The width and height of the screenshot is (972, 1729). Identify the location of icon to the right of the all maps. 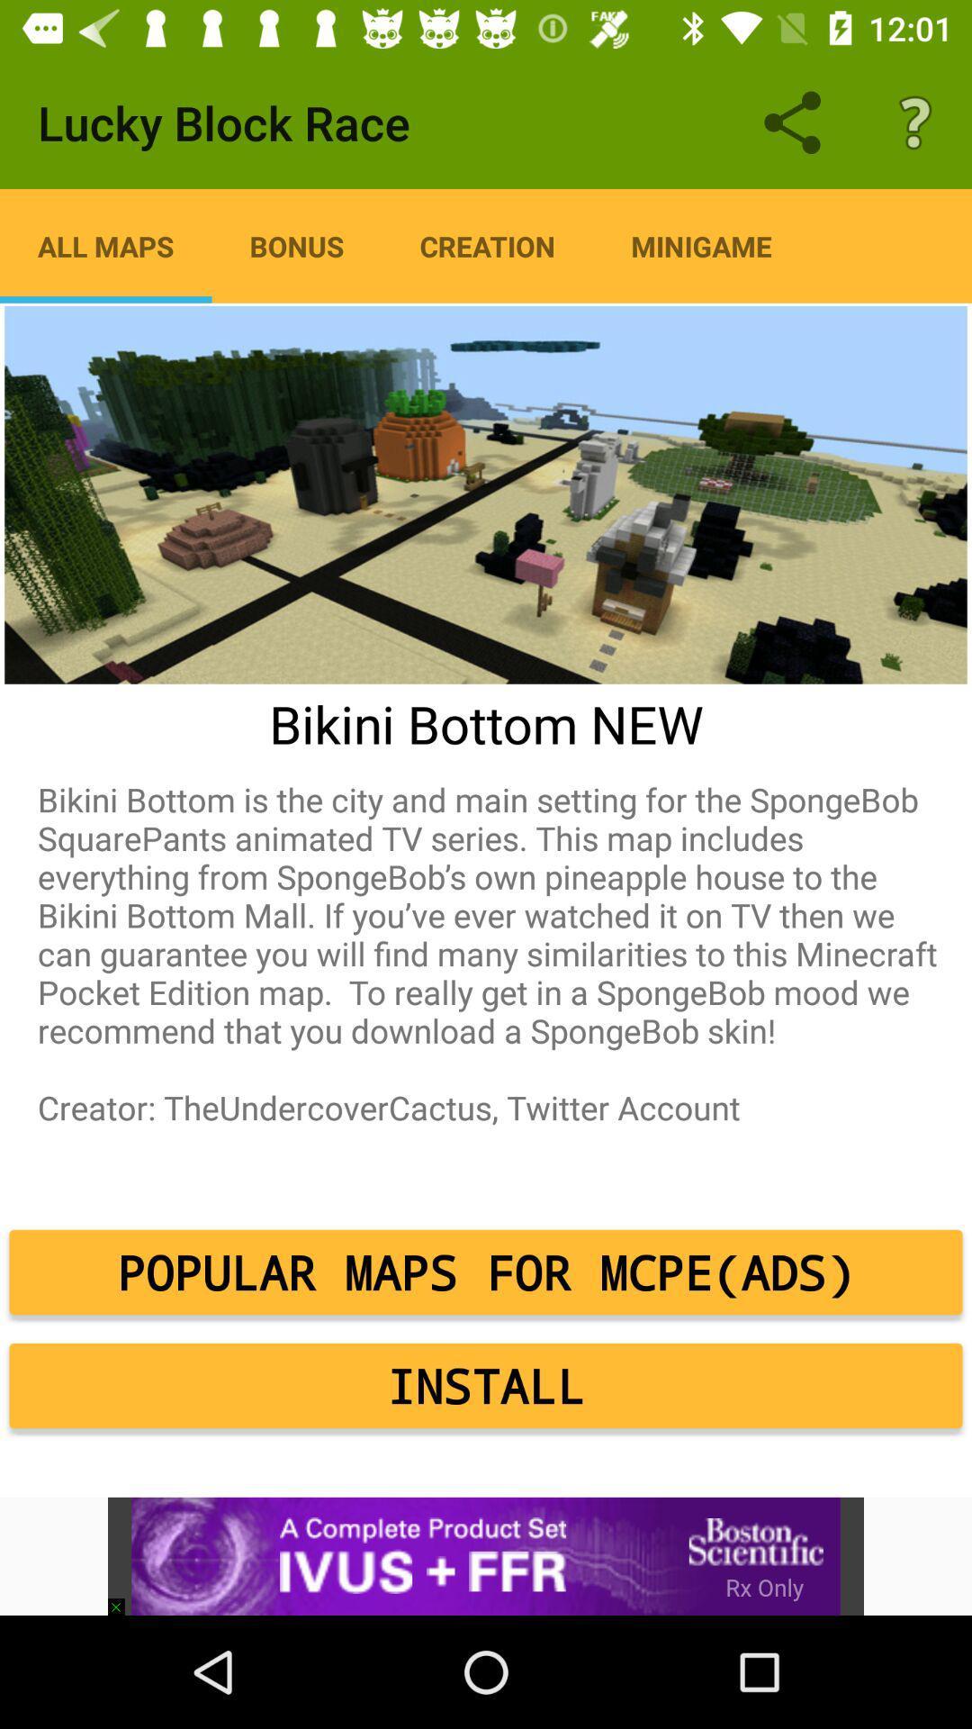
(296, 245).